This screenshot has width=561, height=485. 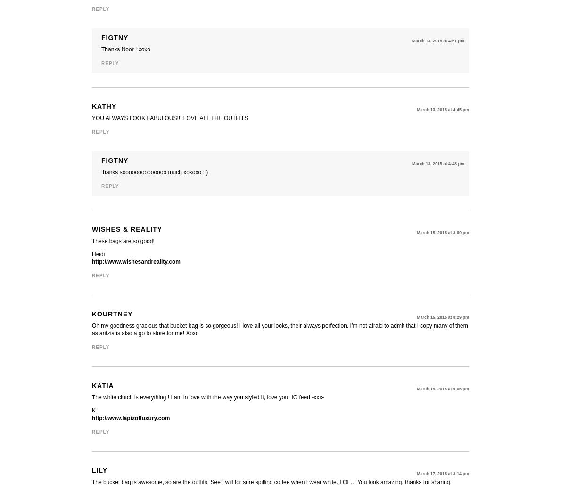 I want to click on 'March 13, 2015 at 4:45 pm', so click(x=442, y=109).